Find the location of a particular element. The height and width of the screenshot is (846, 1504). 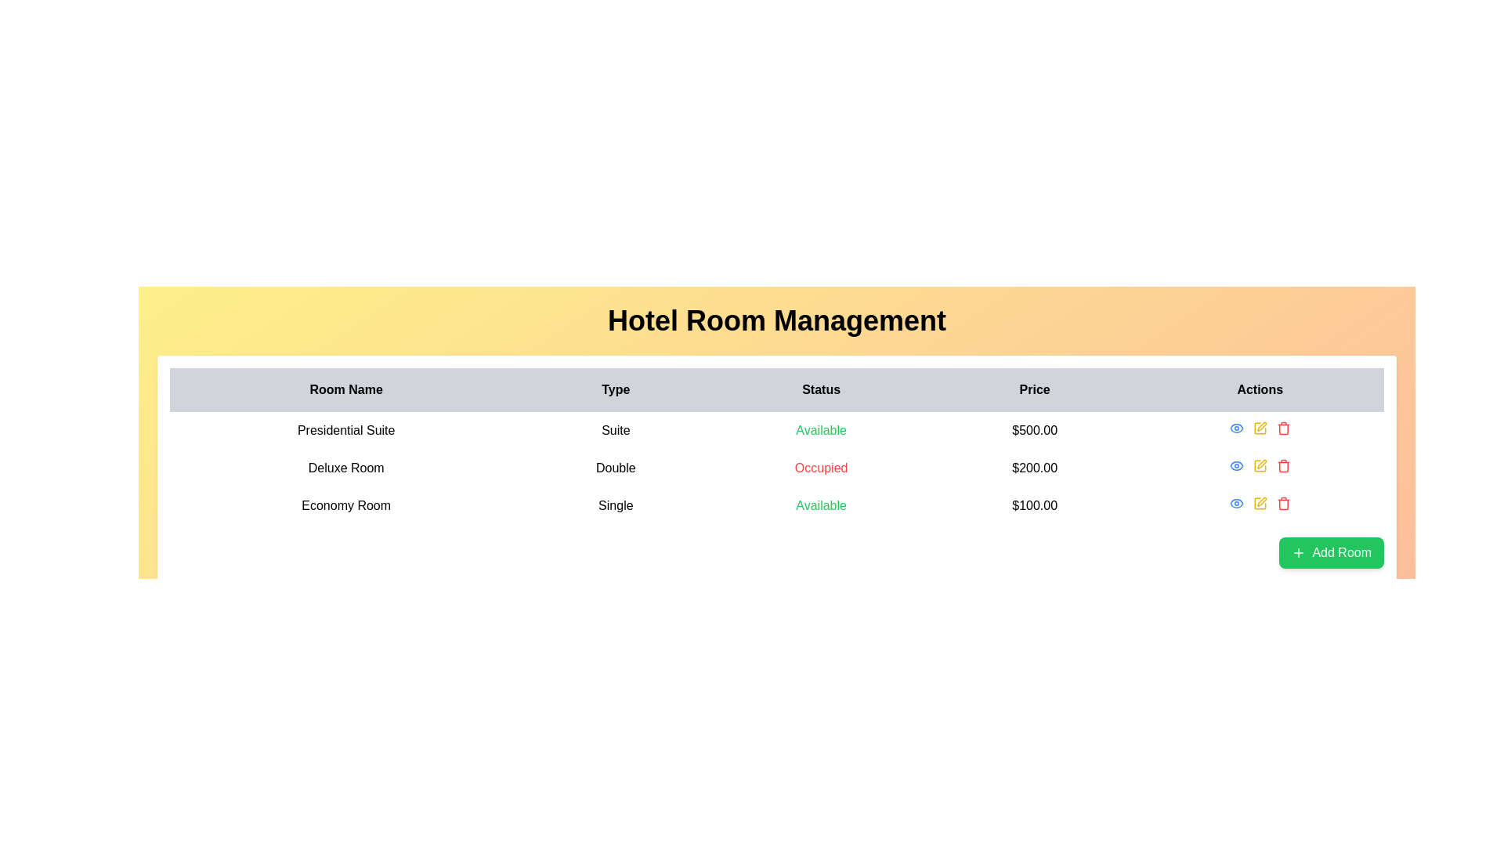

the small pen icon located in the 'Actions' column of the 'Economy Room' entry in the table is located at coordinates (1261, 501).